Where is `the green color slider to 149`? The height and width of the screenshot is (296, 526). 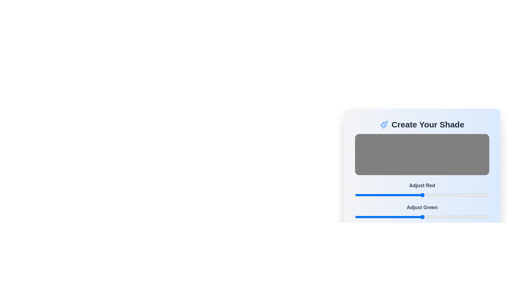
the green color slider to 149 is located at coordinates (433, 217).